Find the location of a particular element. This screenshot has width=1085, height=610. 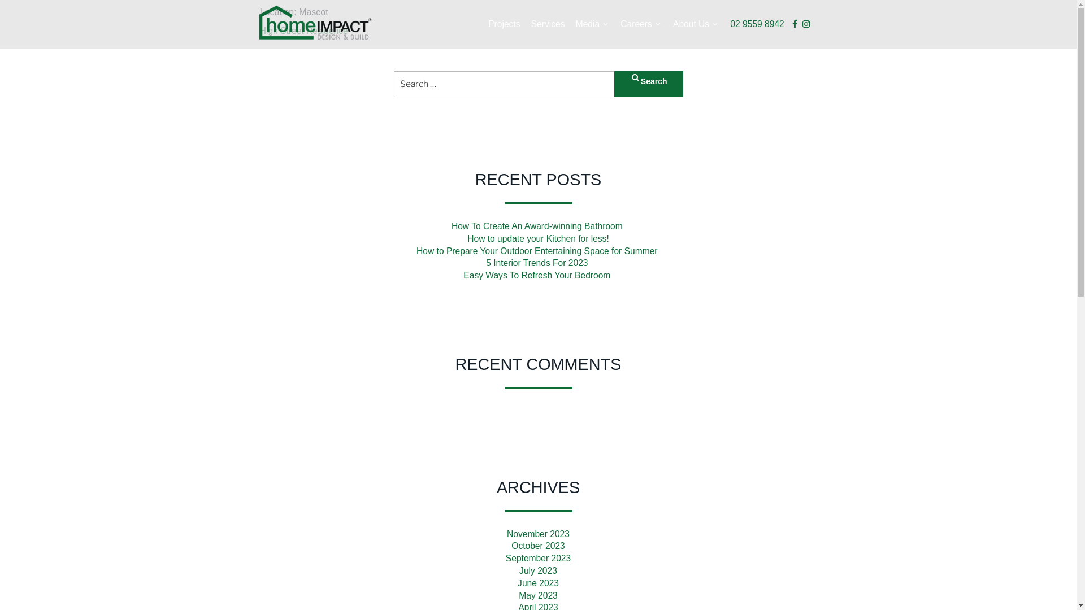

'Careers' is located at coordinates (641, 24).